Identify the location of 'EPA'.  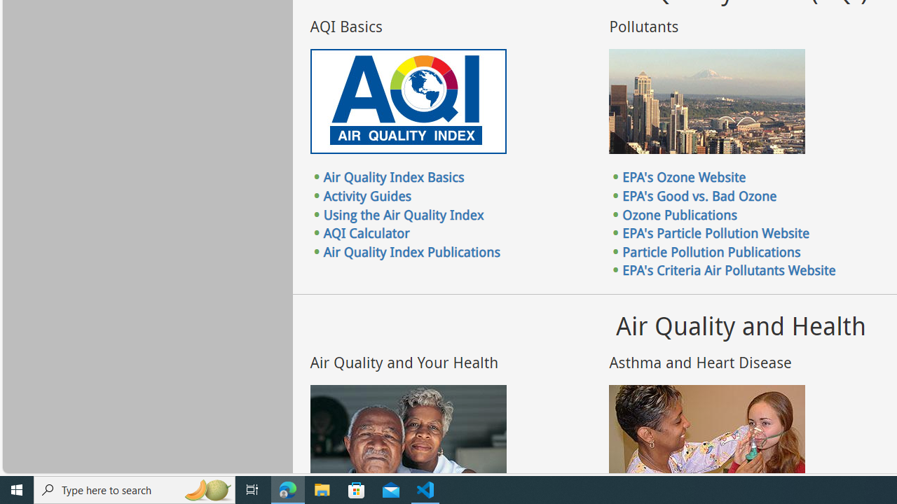
(716, 232).